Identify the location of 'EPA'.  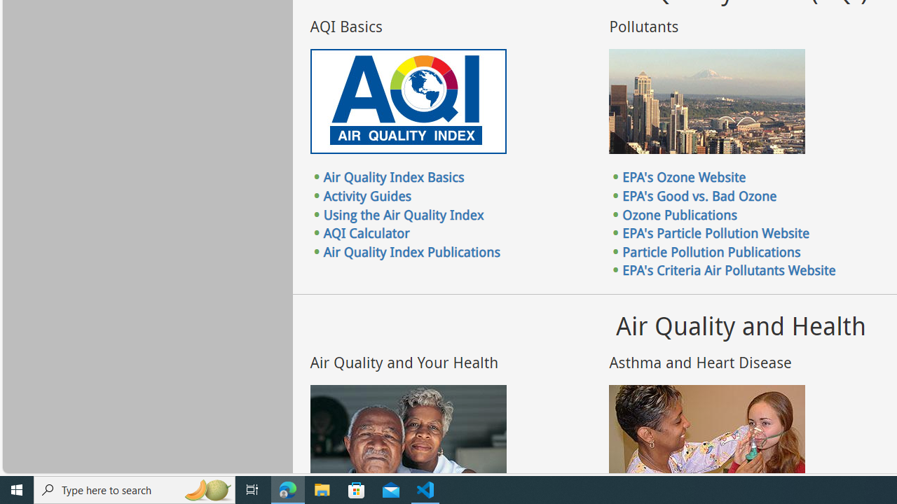
(716, 232).